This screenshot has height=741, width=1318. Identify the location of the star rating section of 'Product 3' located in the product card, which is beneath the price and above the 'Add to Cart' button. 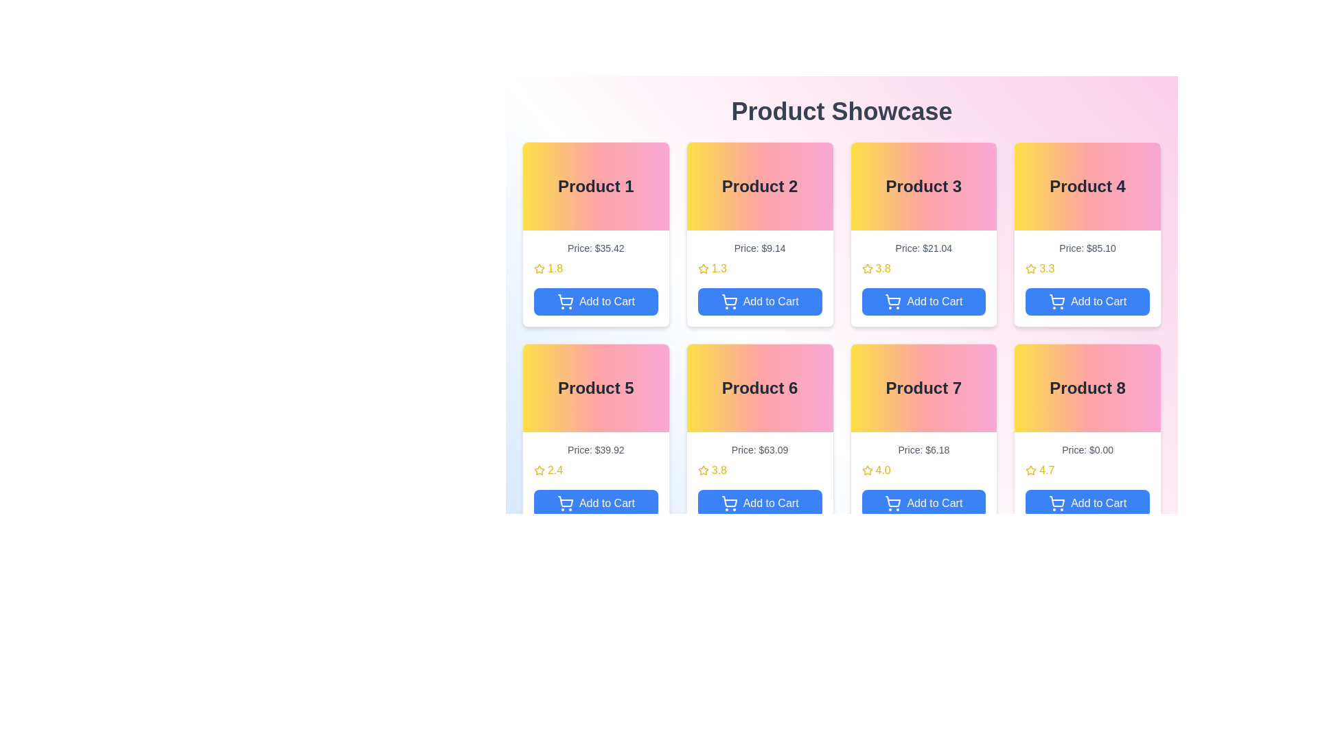
(923, 269).